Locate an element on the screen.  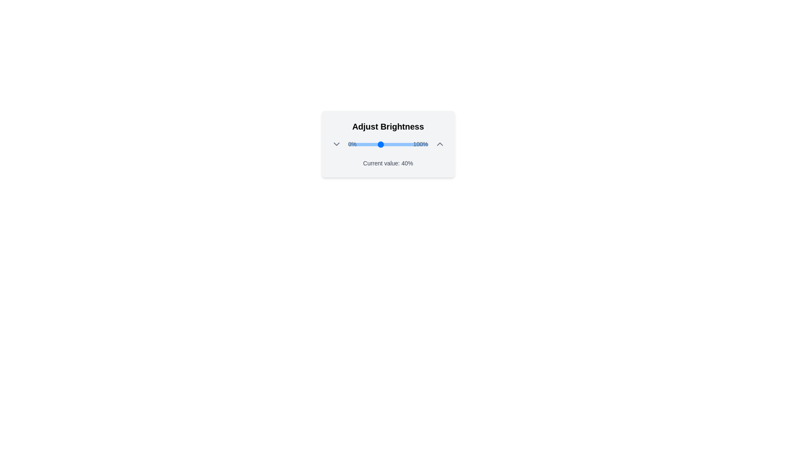
brightness is located at coordinates (413, 144).